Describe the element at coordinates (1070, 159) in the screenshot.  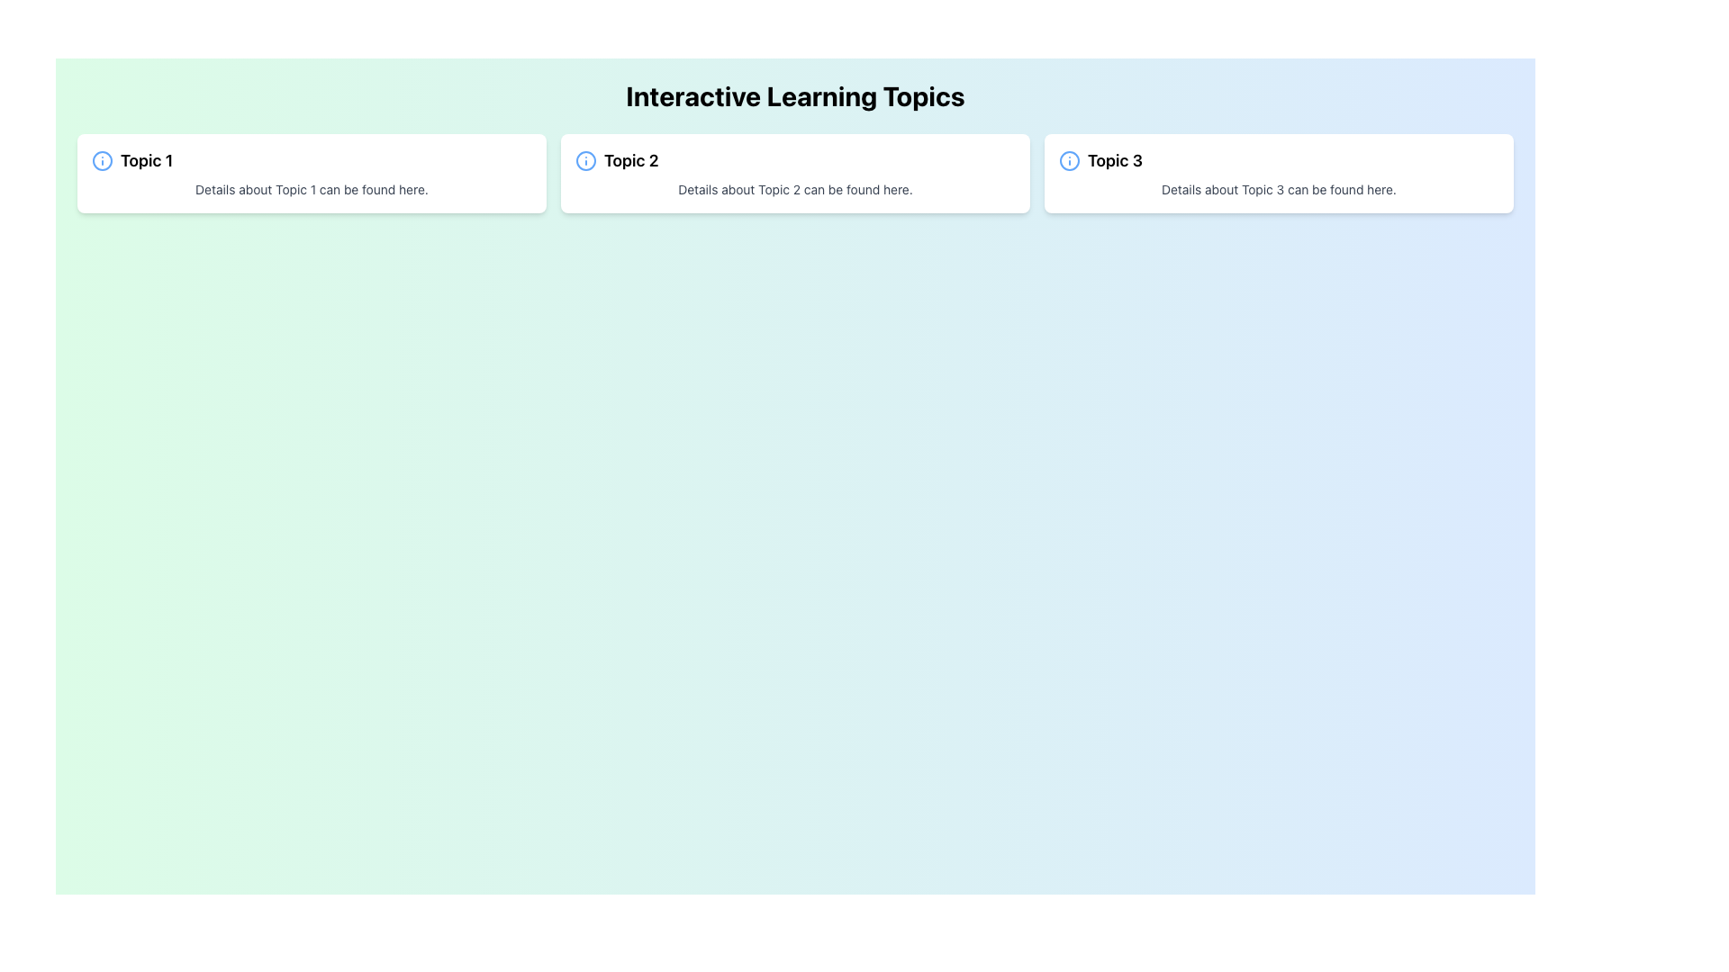
I see `blue circular information icon located to the left of the text 'Topic 3' for styling details` at that location.